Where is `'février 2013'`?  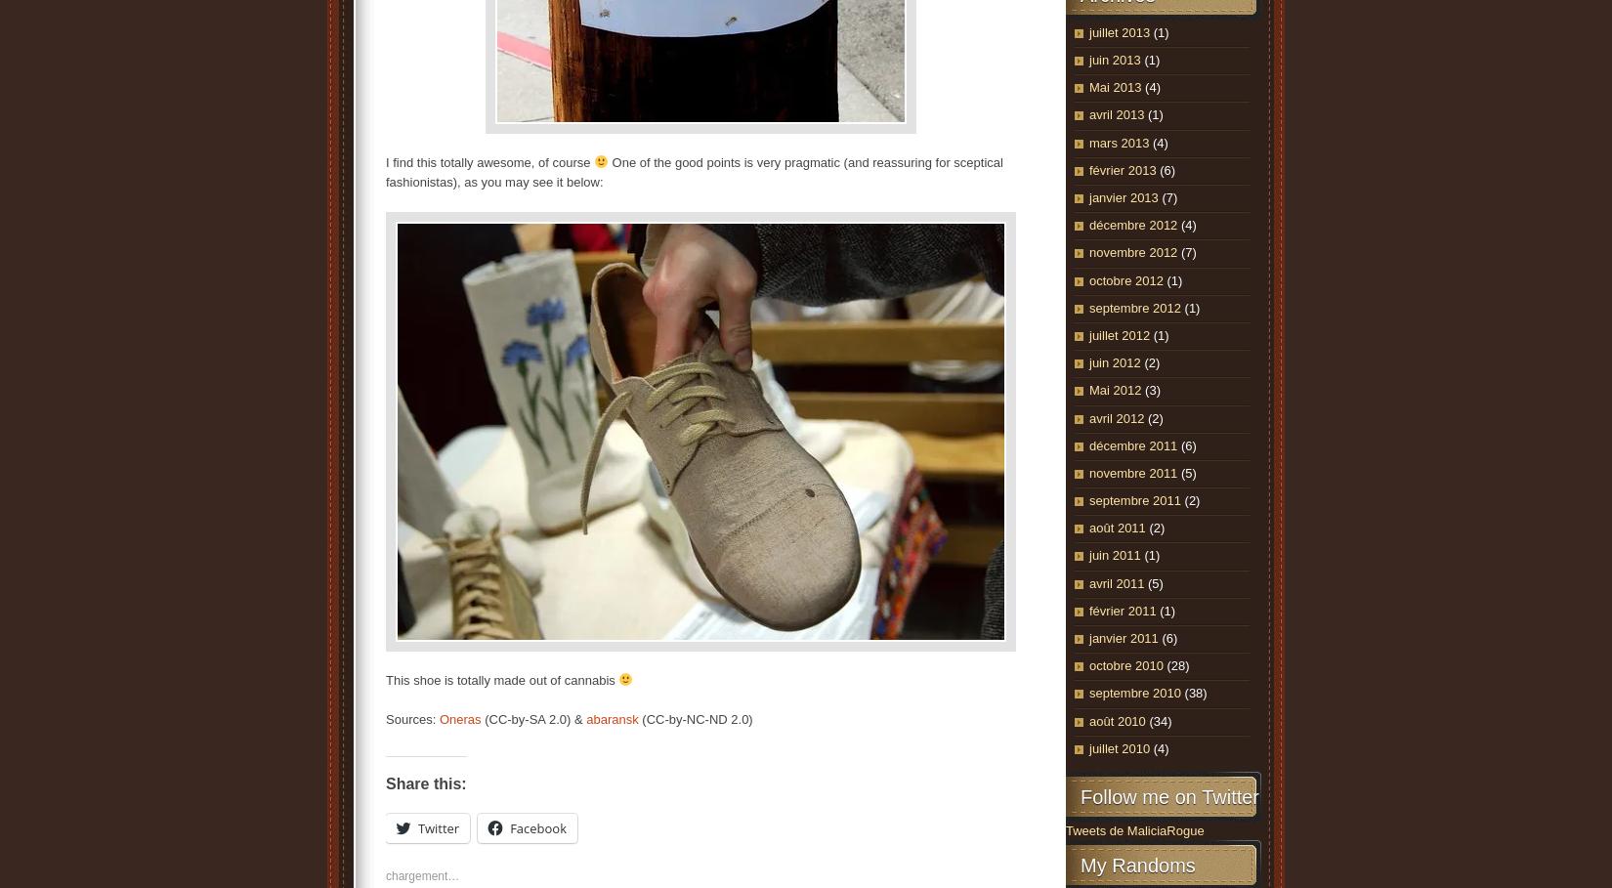 'février 2013' is located at coordinates (1089, 168).